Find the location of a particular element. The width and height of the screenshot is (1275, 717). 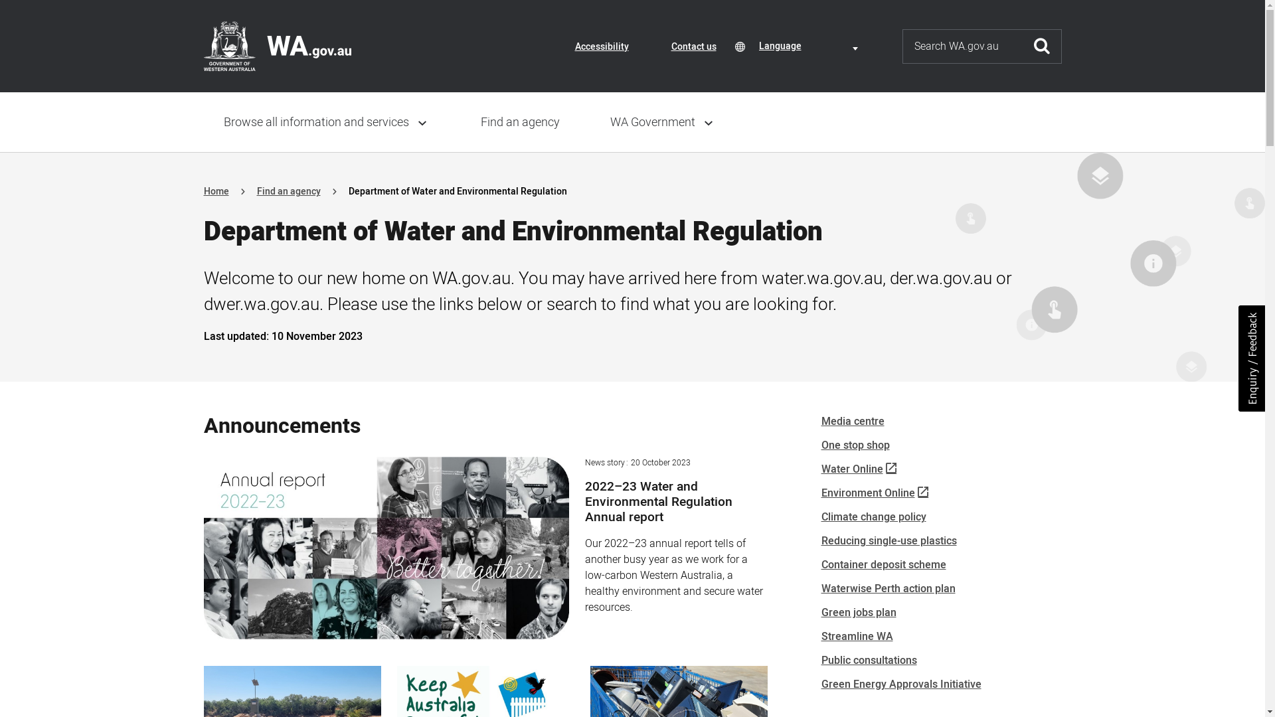

'Waterwise Perth action plan' is located at coordinates (888, 588).